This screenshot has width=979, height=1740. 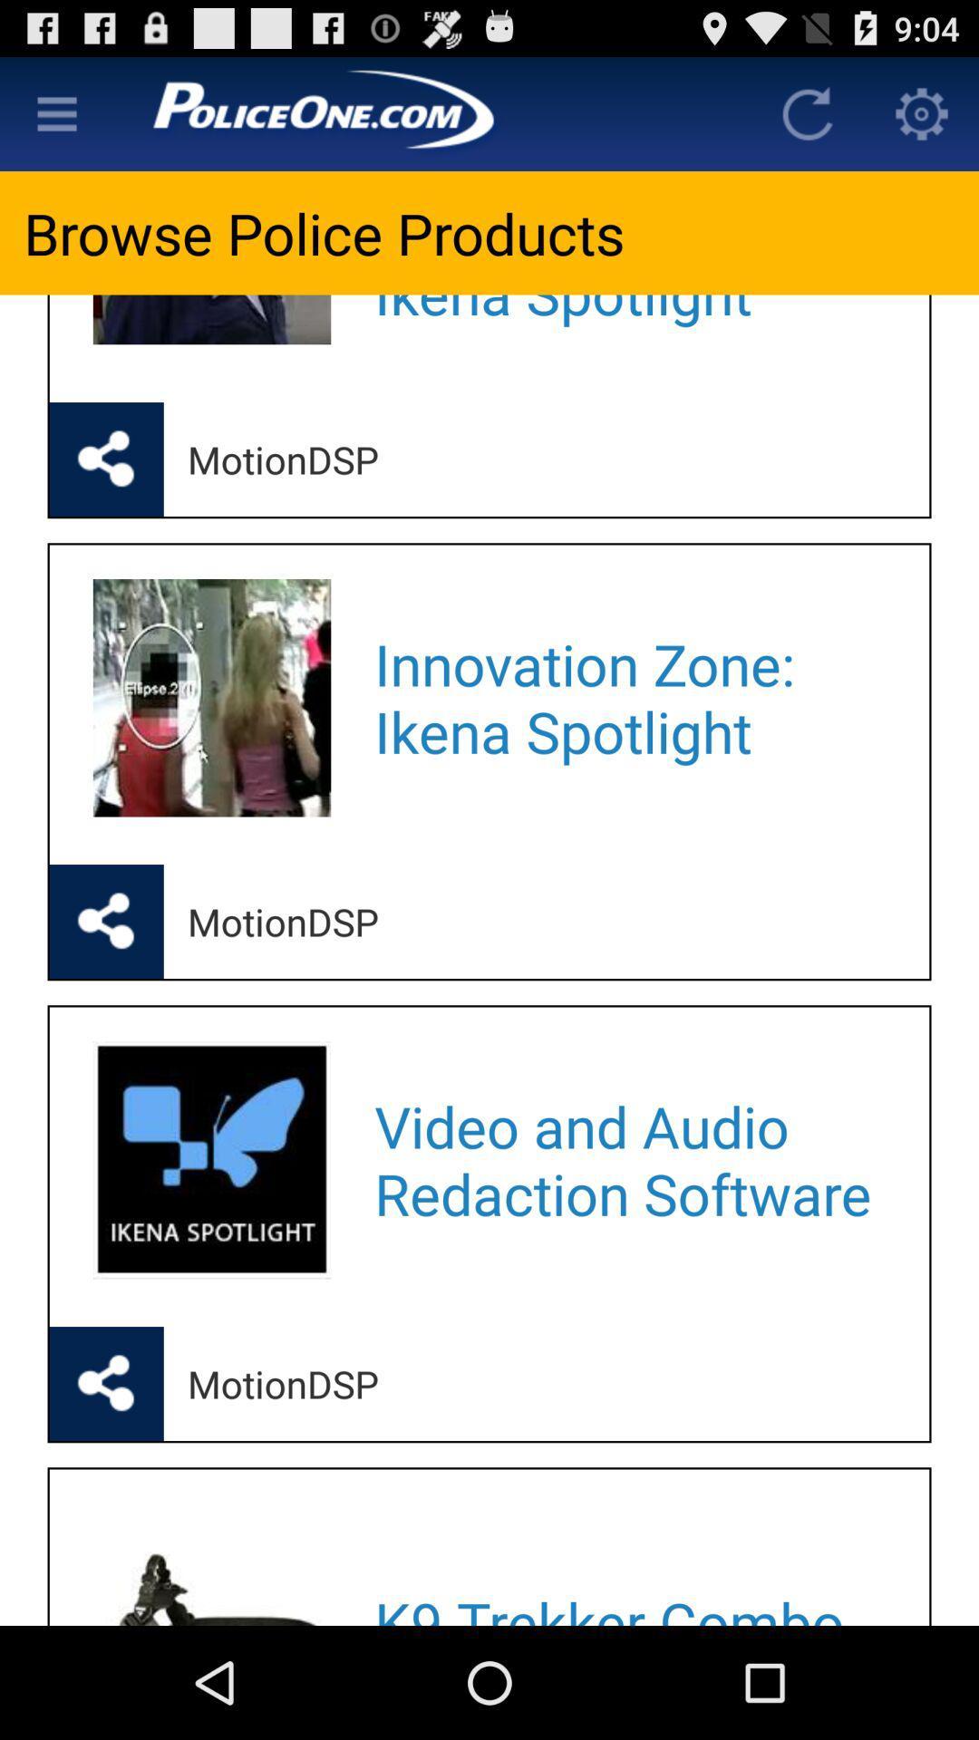 What do you see at coordinates (627, 1160) in the screenshot?
I see `app above motiondsp icon` at bounding box center [627, 1160].